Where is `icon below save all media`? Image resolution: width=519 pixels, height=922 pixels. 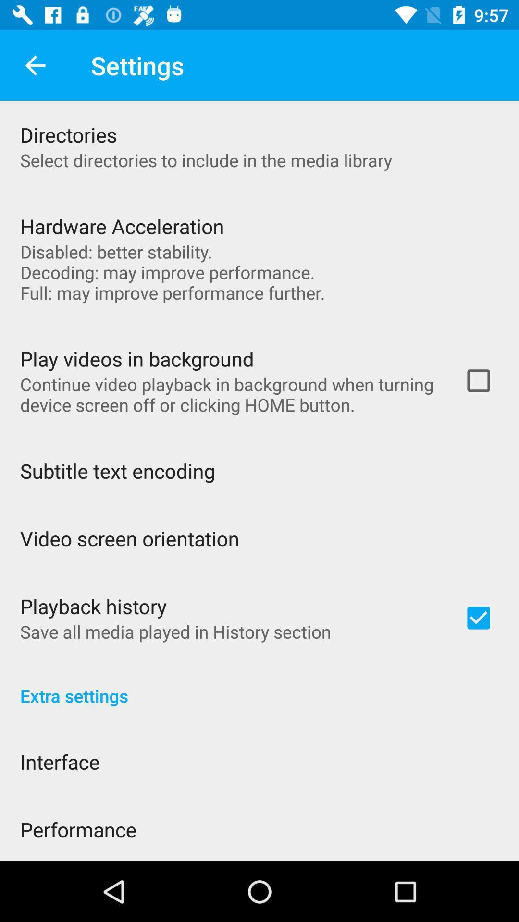 icon below save all media is located at coordinates (259, 685).